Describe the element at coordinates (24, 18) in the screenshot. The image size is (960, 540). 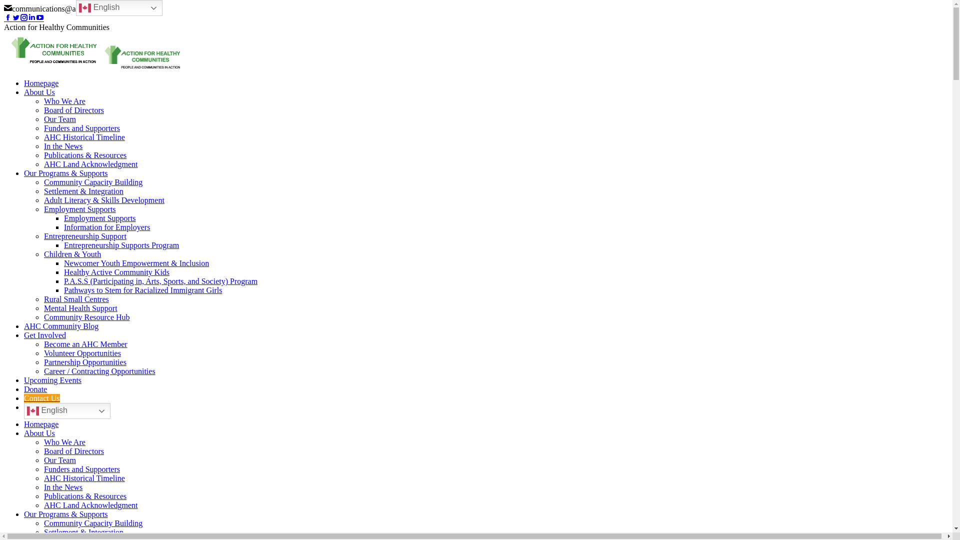
I see `'Instagram page opens in new window'` at that location.